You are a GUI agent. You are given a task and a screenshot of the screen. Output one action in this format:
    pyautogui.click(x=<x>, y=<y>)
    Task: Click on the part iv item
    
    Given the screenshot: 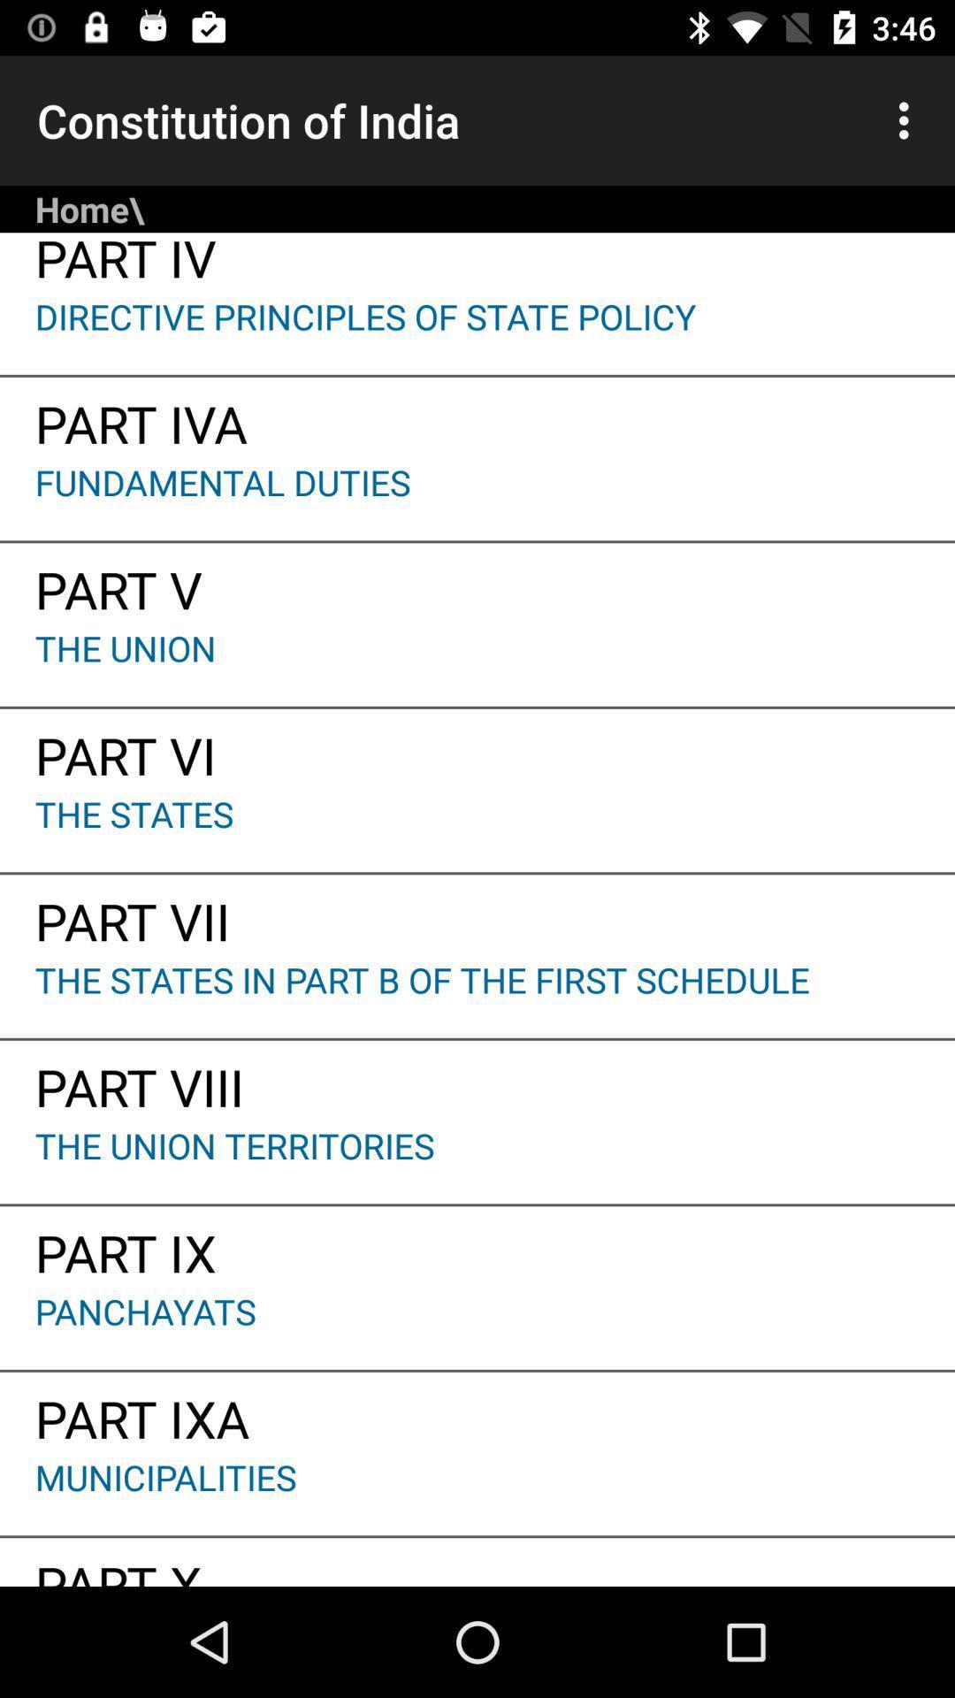 What is the action you would take?
    pyautogui.click(x=477, y=262)
    